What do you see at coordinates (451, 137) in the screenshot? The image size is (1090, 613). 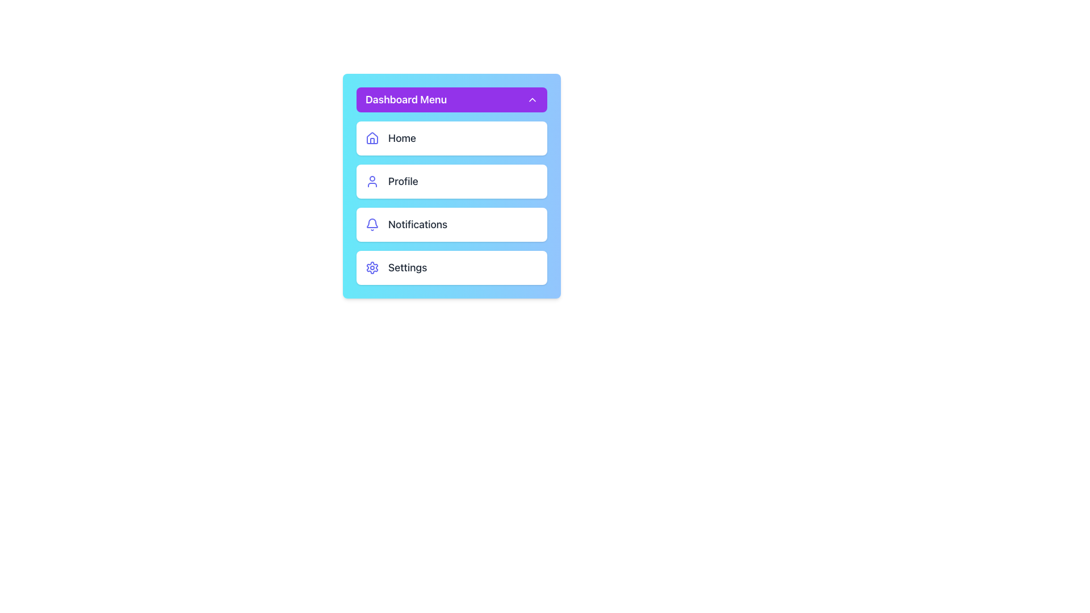 I see `the 'Home' menu item in the Dashboard Menu` at bounding box center [451, 137].